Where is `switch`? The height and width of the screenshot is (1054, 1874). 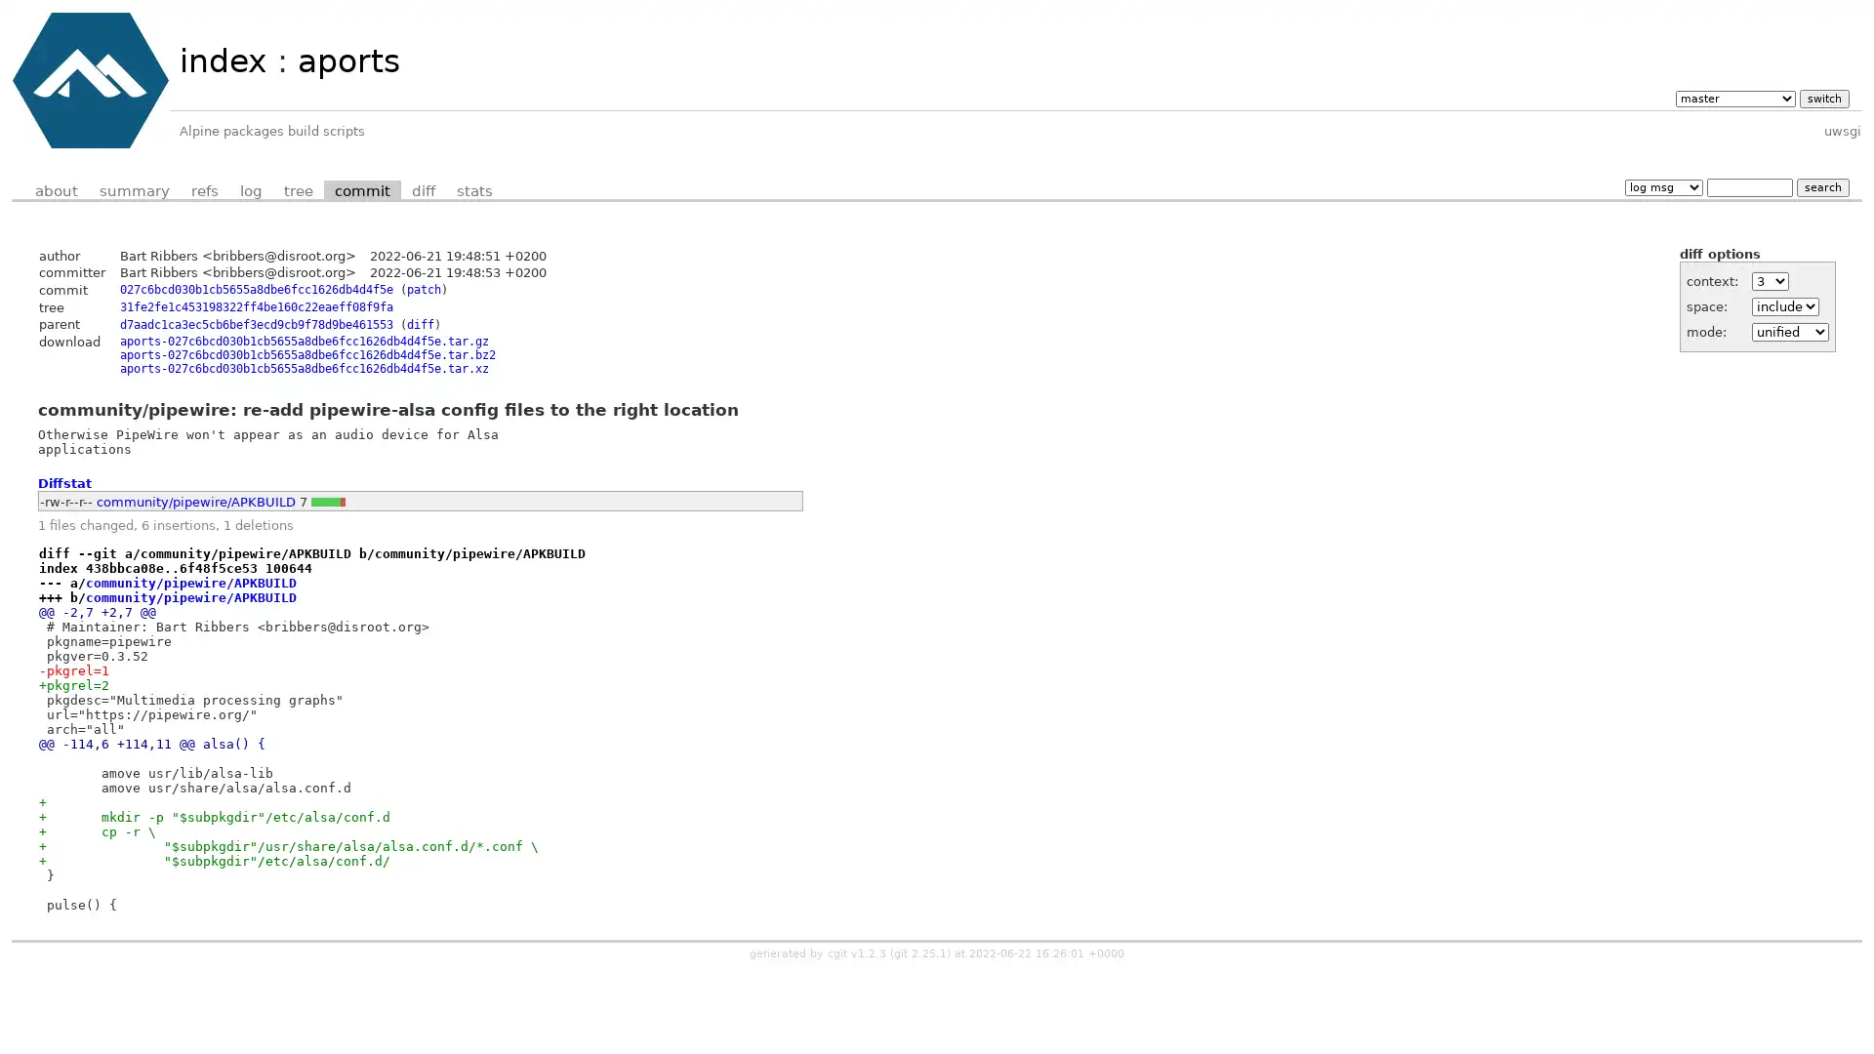
switch is located at coordinates (1822, 98).